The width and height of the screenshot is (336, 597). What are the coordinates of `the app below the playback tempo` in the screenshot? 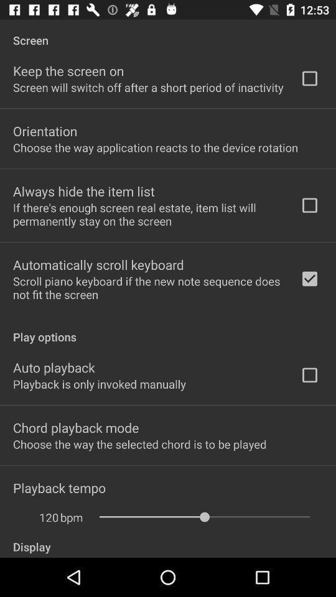 It's located at (72, 517).